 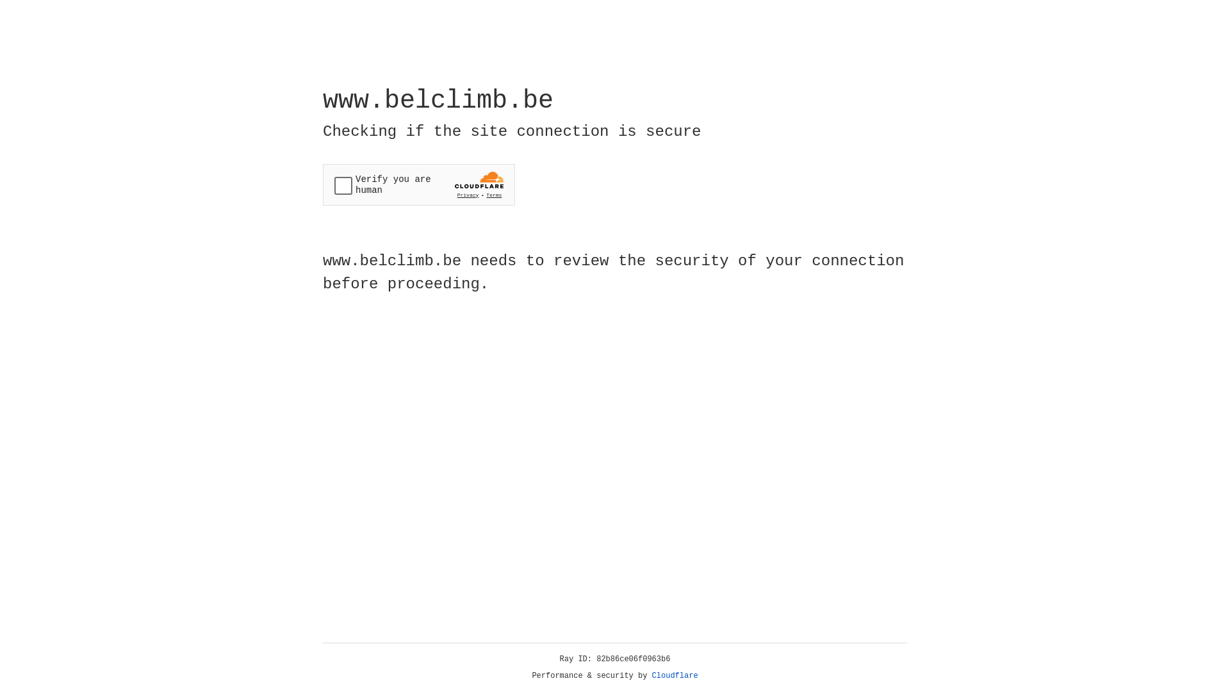 I want to click on 'Cloudflare', so click(x=675, y=675).